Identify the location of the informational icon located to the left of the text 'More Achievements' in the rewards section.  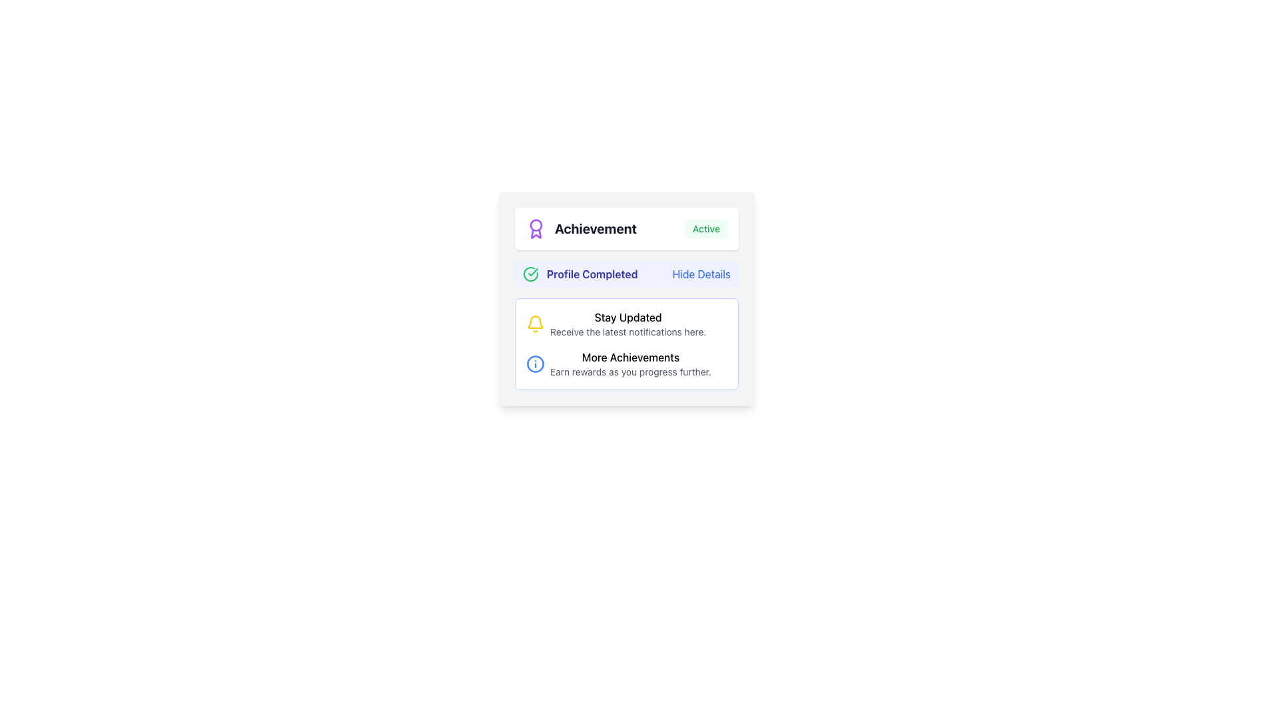
(536, 364).